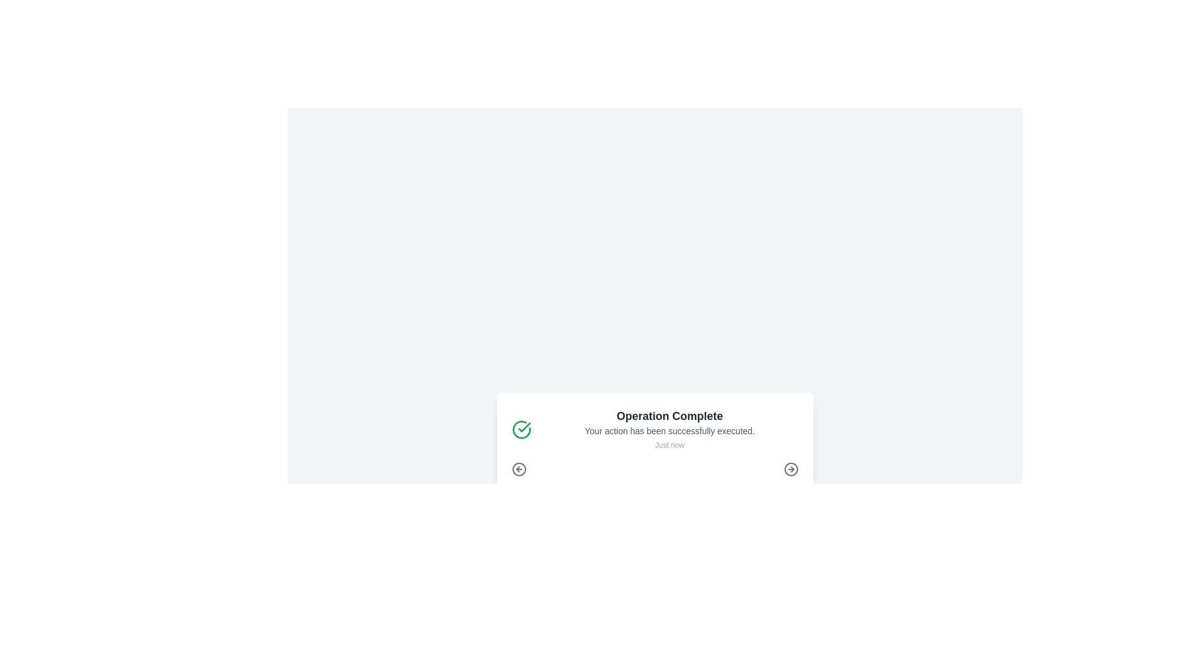 The height and width of the screenshot is (668, 1187). I want to click on the informational text element that conveys additional information regarding the successful execution of an action, located below the 'Operation Complete' heading and above the 'Just now' timestamp, so click(669, 430).